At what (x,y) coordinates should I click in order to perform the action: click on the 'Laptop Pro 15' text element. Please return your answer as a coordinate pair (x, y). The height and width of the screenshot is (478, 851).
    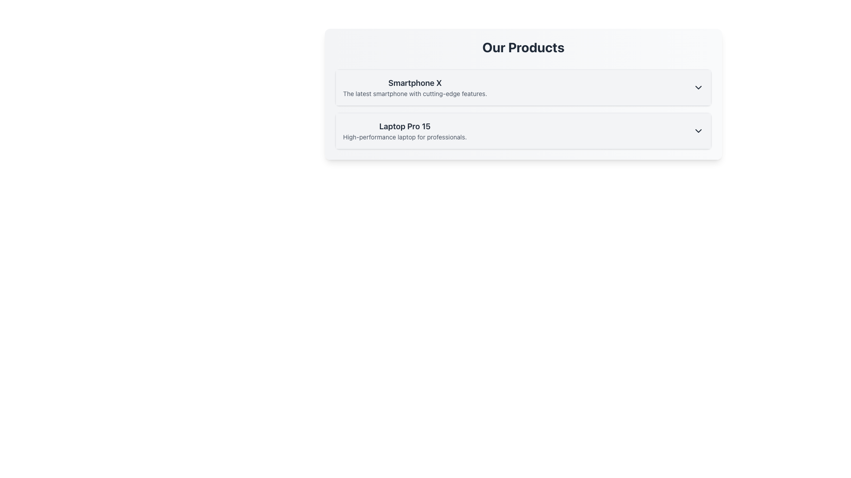
    Looking at the image, I should click on (404, 131).